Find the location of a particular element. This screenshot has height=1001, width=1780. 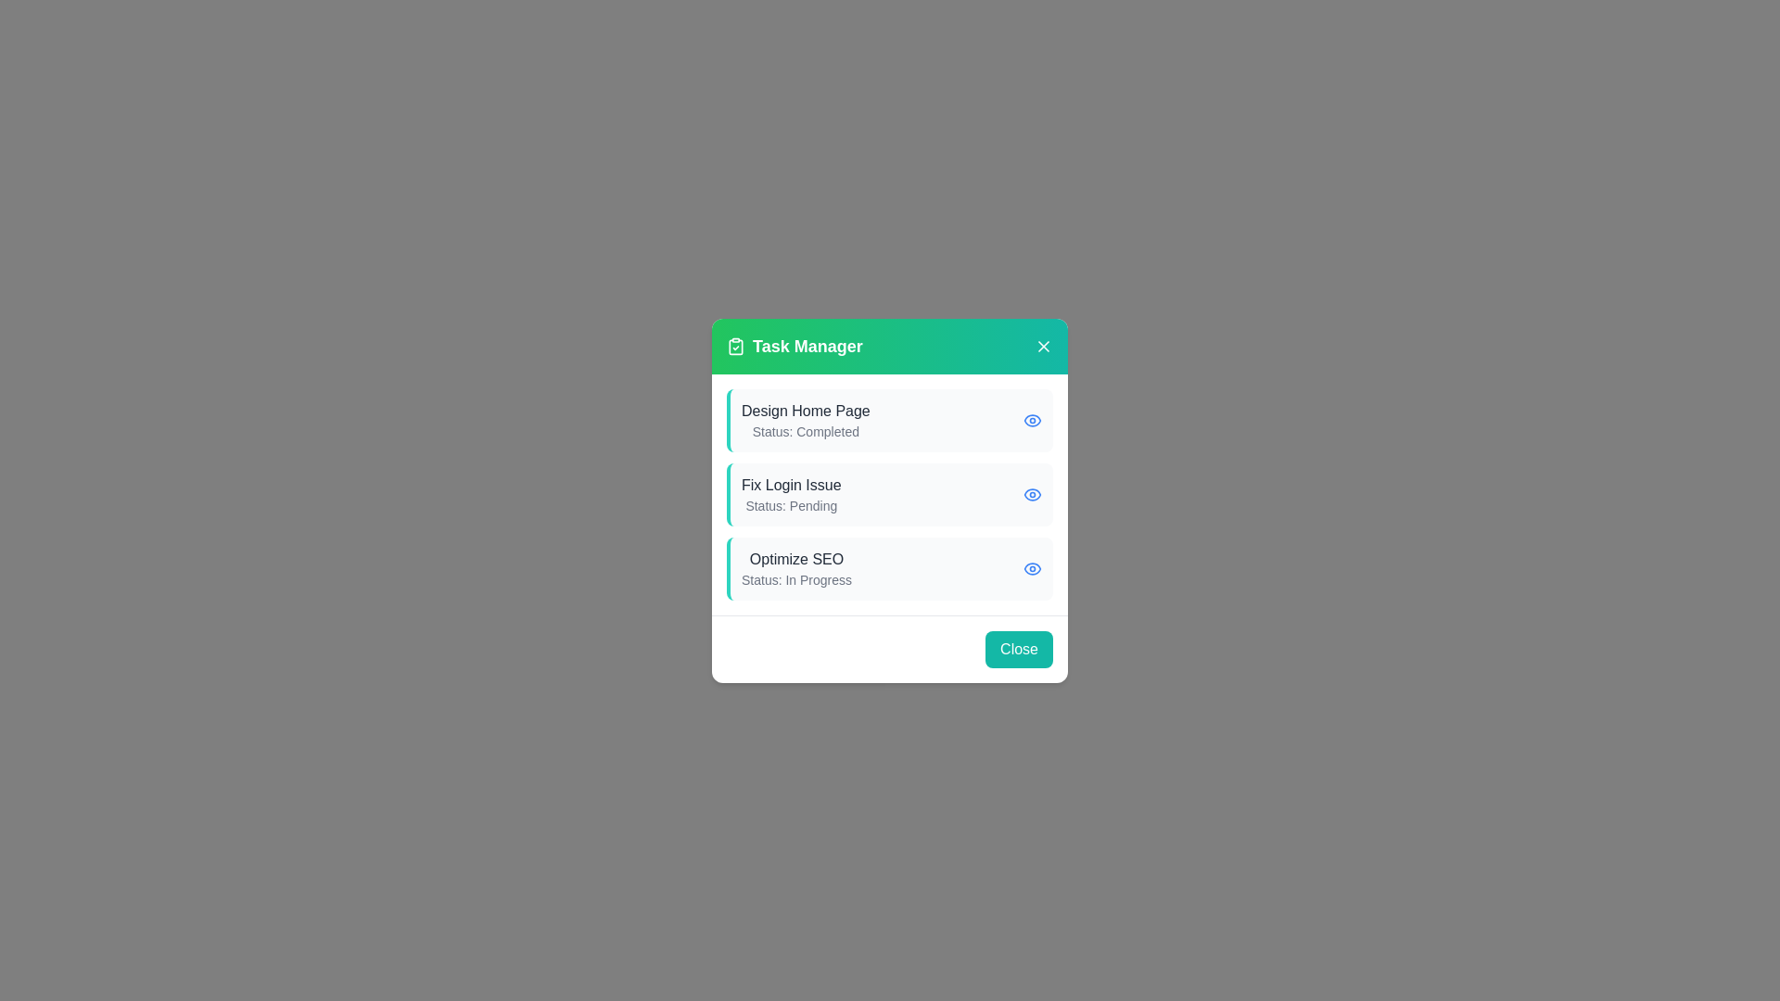

the close button located at the bottom-right corner of the 'Task Manager' modal to visualize the hover color change is located at coordinates (1018, 648).